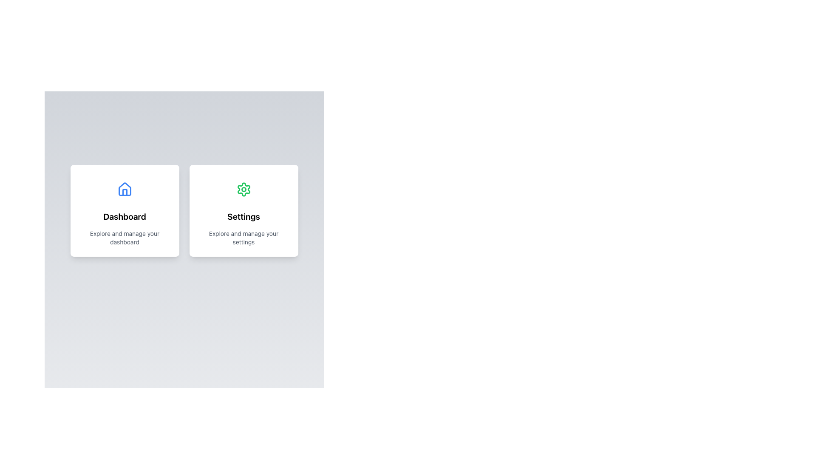 This screenshot has width=816, height=459. Describe the element at coordinates (243, 189) in the screenshot. I see `the 'Settings' icon located in the upper section of the second card in a horizontally arranged list of cards` at that location.